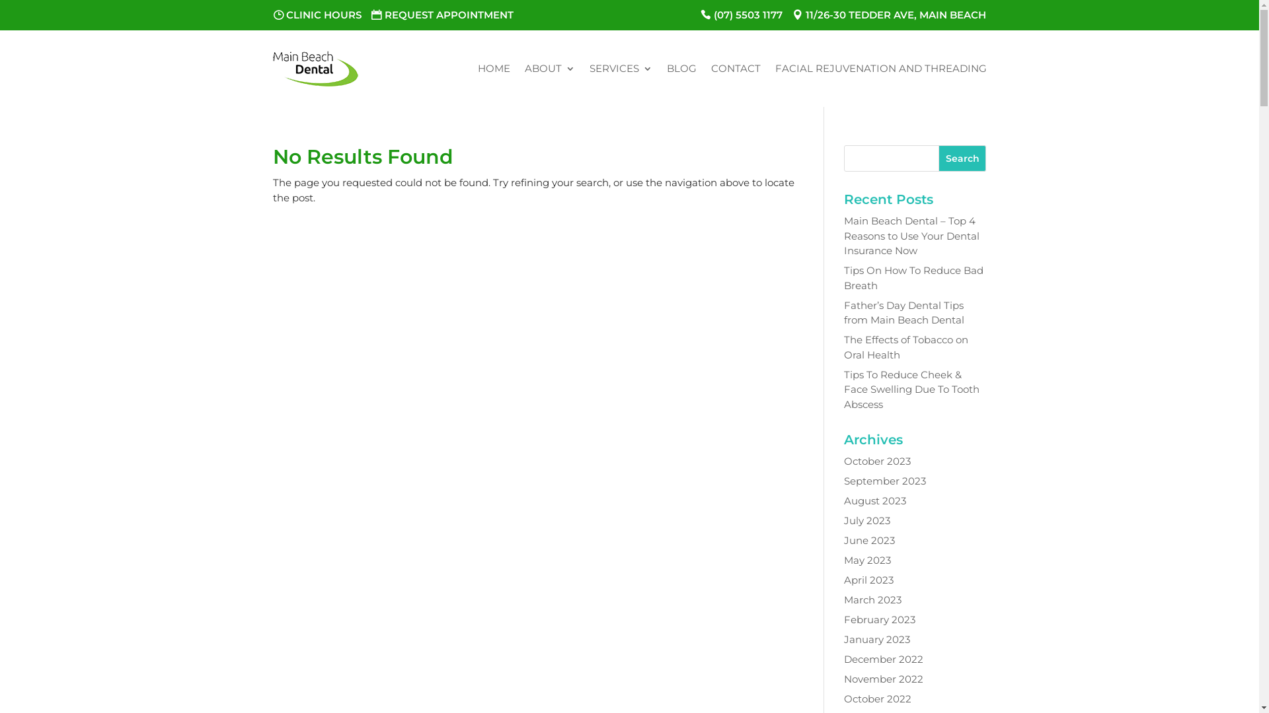 The width and height of the screenshot is (1269, 713). What do you see at coordinates (620, 69) in the screenshot?
I see `'SERVICES'` at bounding box center [620, 69].